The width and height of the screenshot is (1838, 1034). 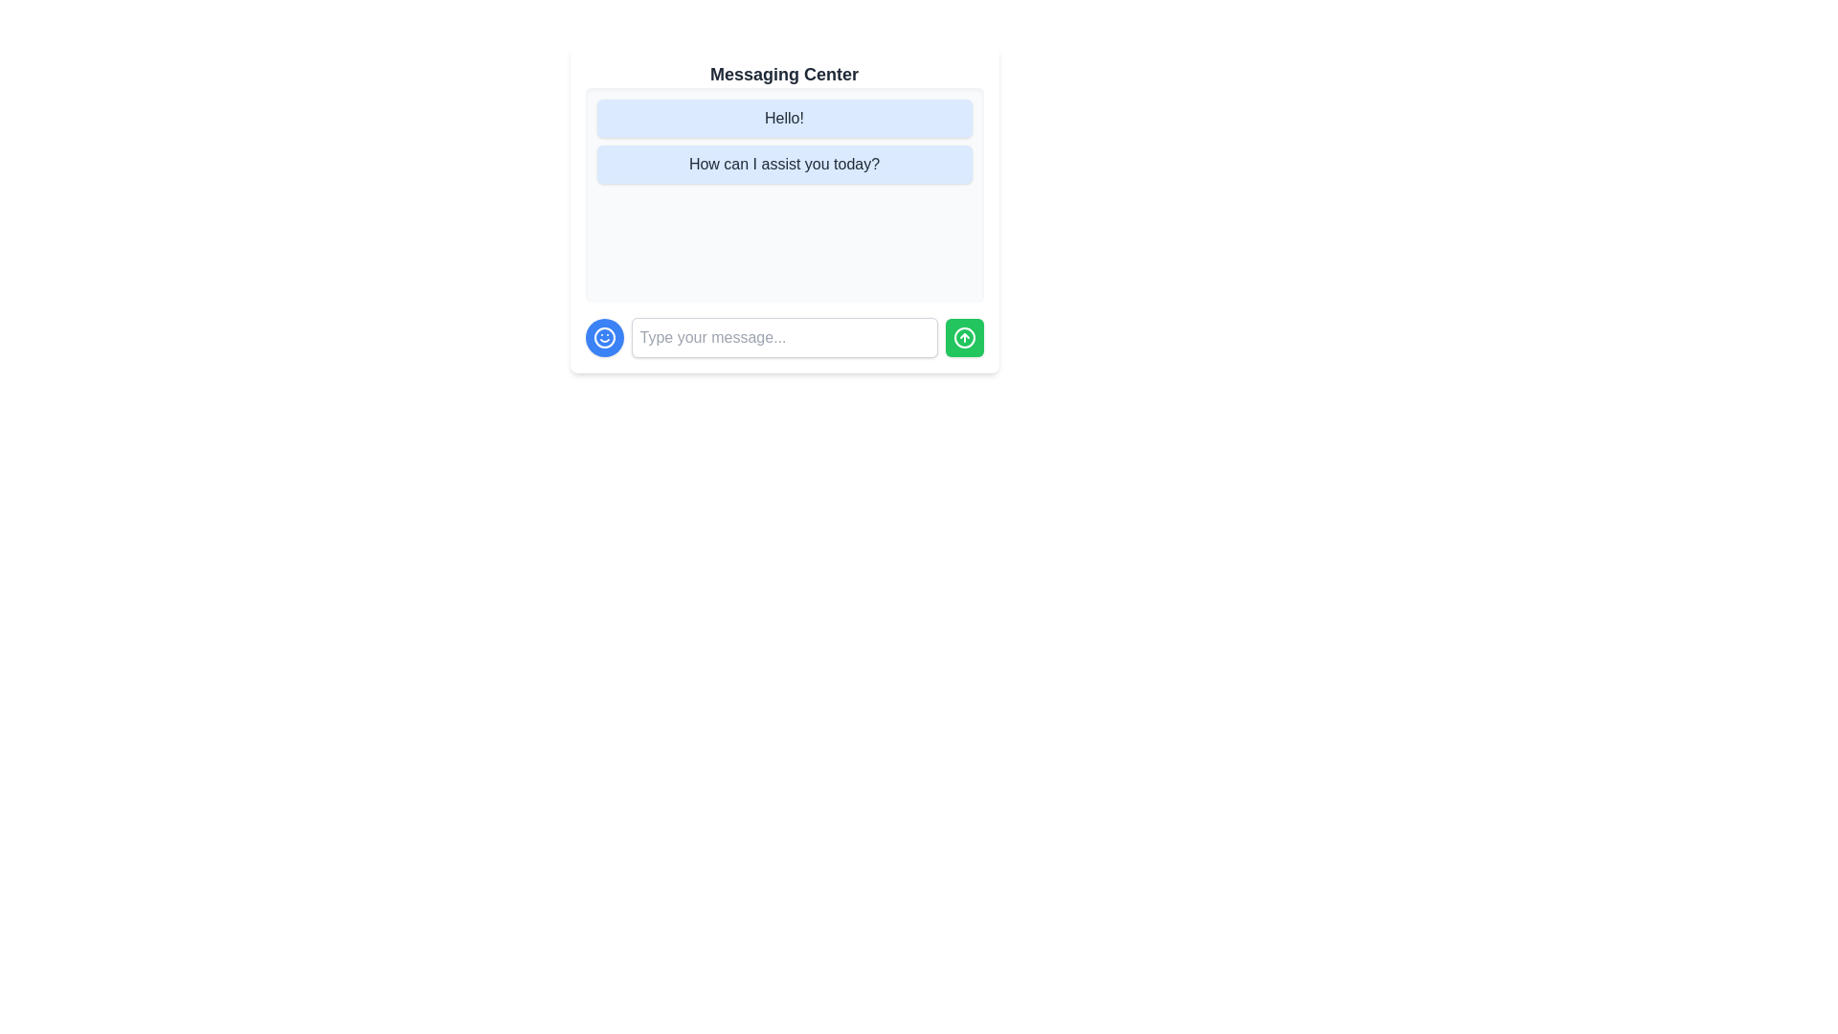 I want to click on the input box and type the text 'Hello, World!', so click(x=784, y=337).